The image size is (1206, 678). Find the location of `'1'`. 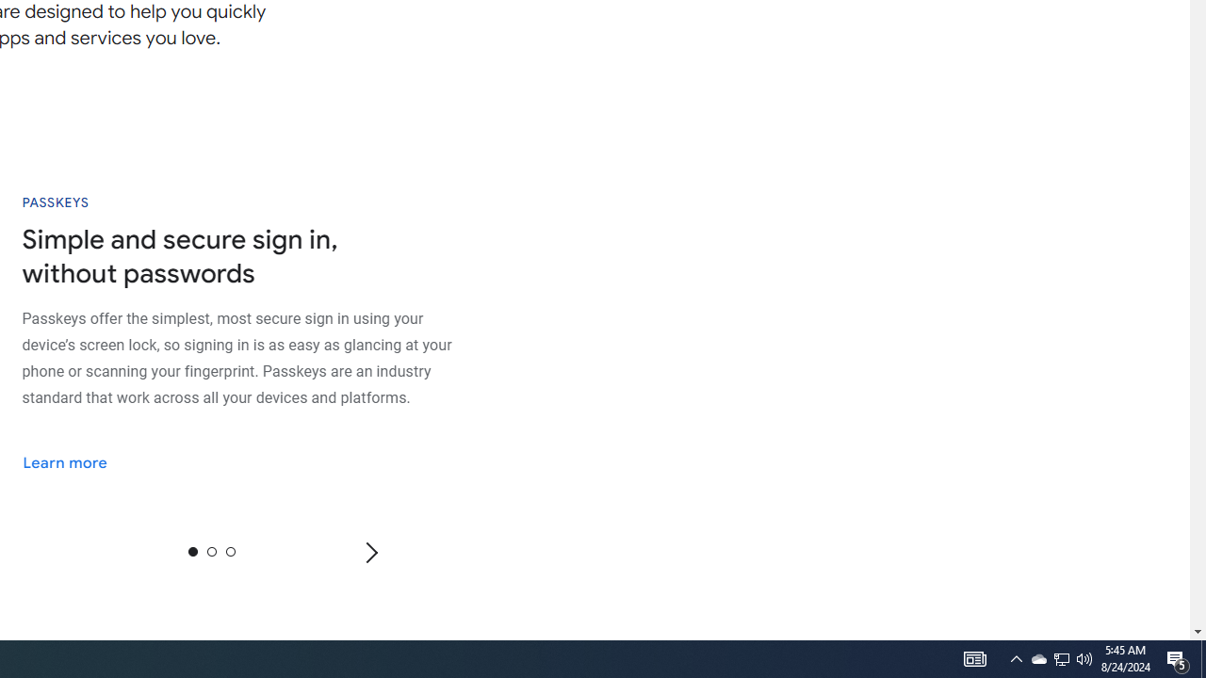

'1' is located at coordinates (211, 551).